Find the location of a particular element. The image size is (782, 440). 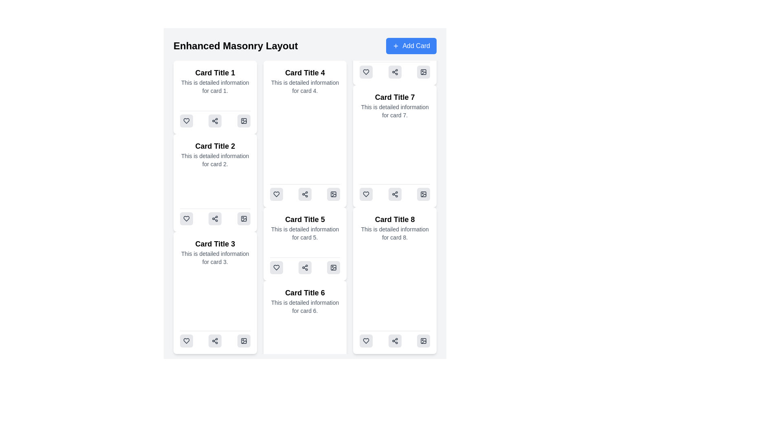

the 'Share' icon button located at the bottom of the card labeled 'Card Title 2' is located at coordinates (215, 216).